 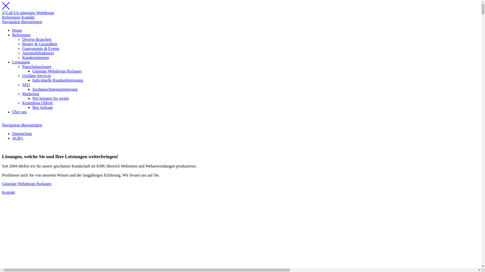 What do you see at coordinates (55, 89) in the screenshot?
I see `'Suchmaschinenoptimierung'` at bounding box center [55, 89].